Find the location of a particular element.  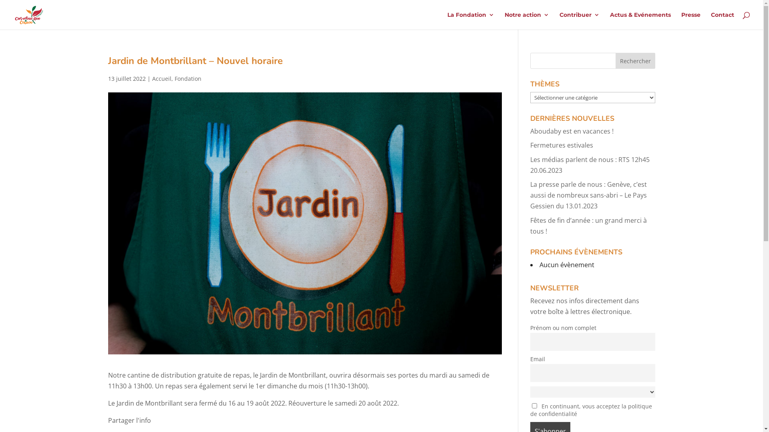

'Contact' is located at coordinates (723, 20).